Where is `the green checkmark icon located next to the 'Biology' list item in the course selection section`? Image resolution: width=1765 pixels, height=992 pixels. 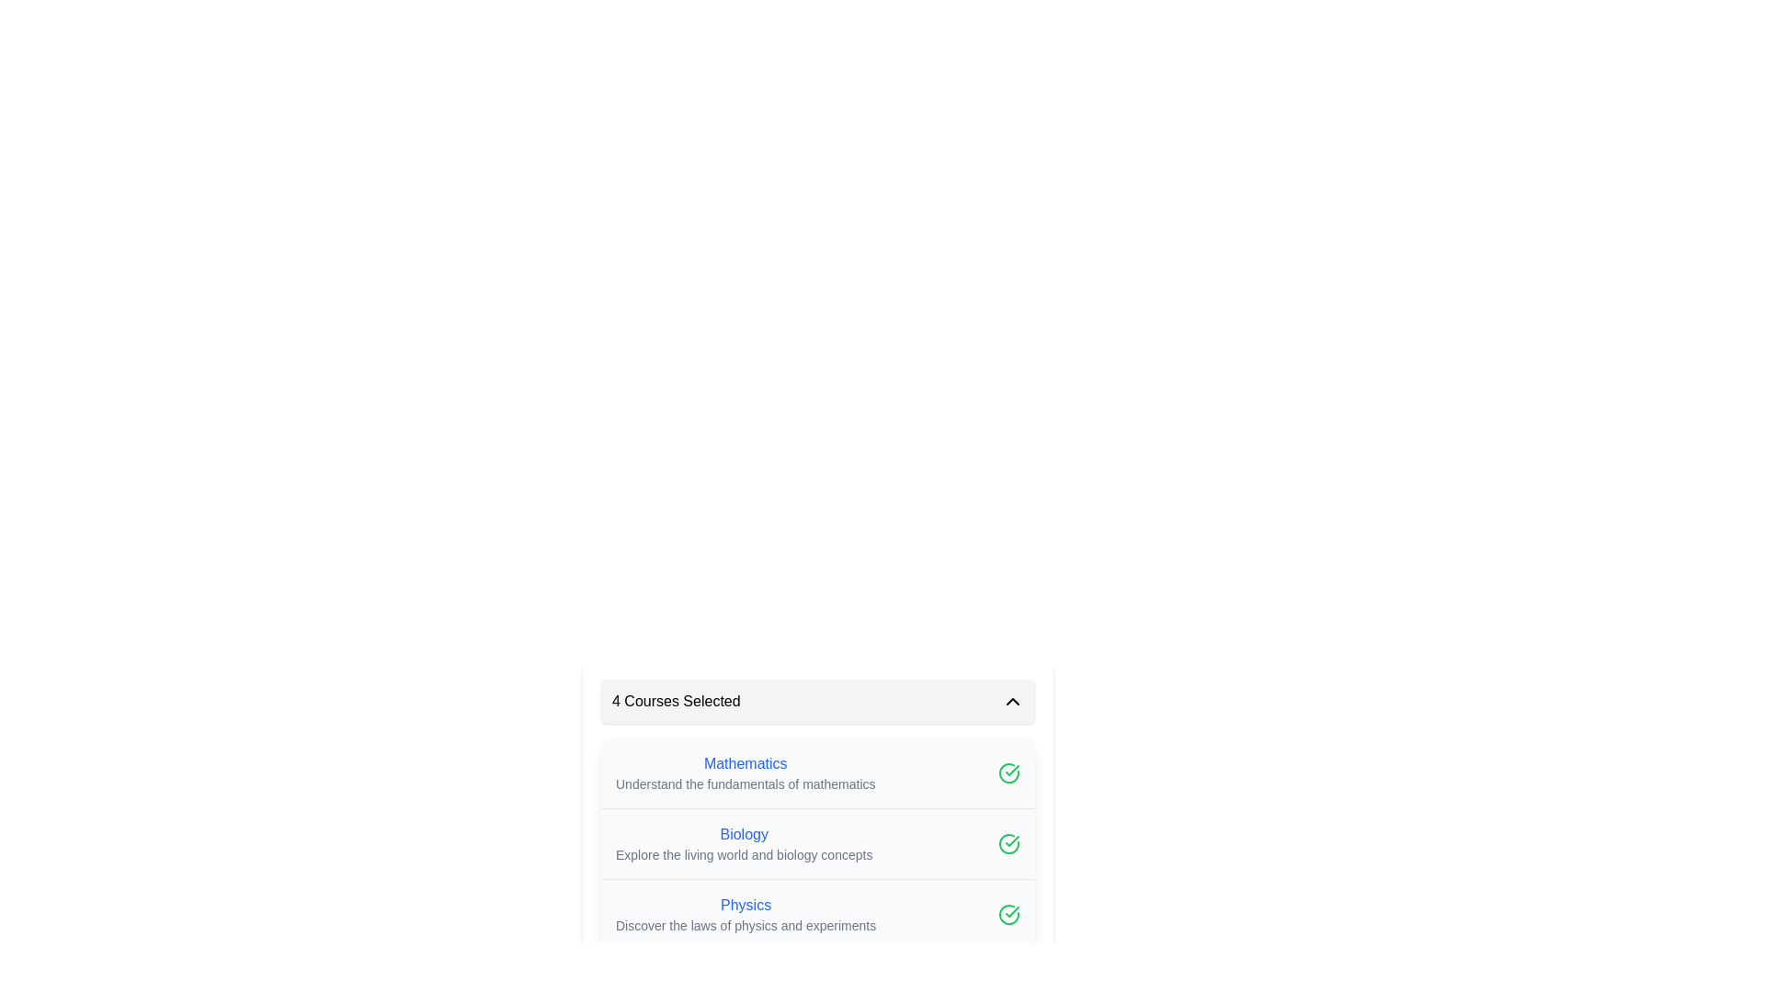
the green checkmark icon located next to the 'Biology' list item in the course selection section is located at coordinates (816, 843).